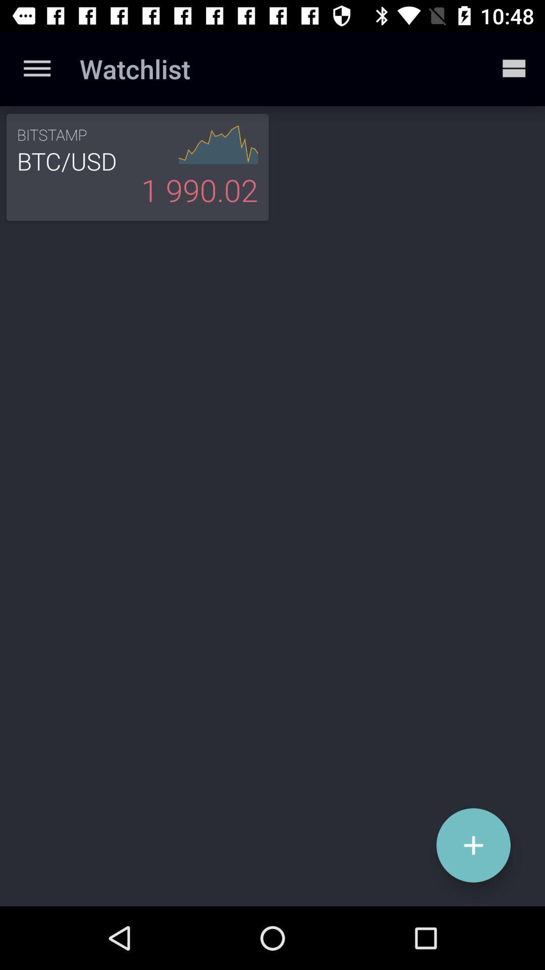  What do you see at coordinates (513, 68) in the screenshot?
I see `icon to the right of the watchlist icon` at bounding box center [513, 68].